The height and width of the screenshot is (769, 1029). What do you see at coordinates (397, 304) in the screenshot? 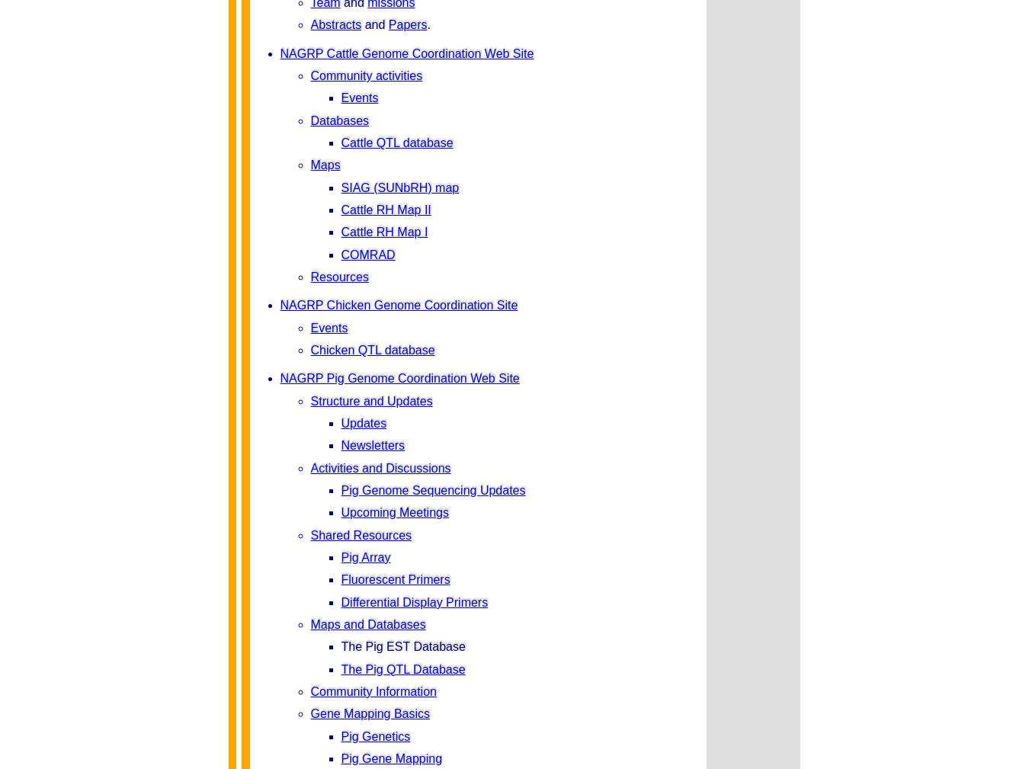
I see `'NAGRP Chicken Genome Coordination Site'` at bounding box center [397, 304].